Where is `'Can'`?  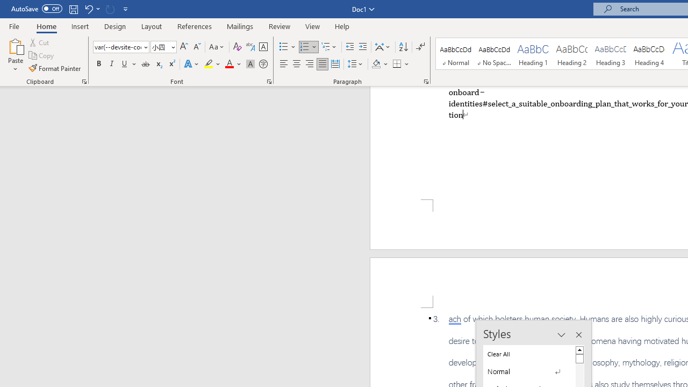
'Can' is located at coordinates (110, 9).